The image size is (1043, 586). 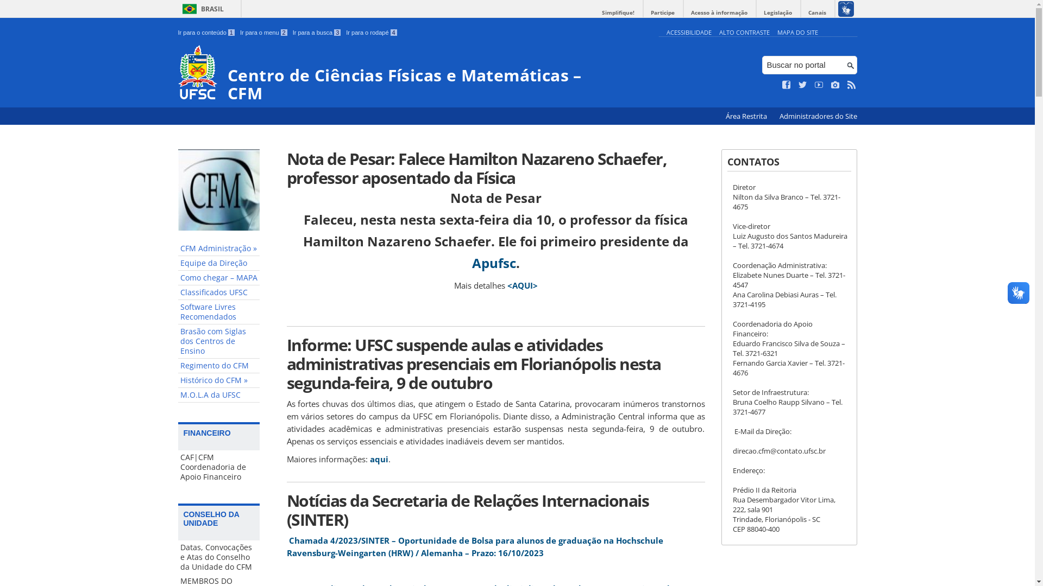 What do you see at coordinates (665, 31) in the screenshot?
I see `'ACESSIBILIDADE'` at bounding box center [665, 31].